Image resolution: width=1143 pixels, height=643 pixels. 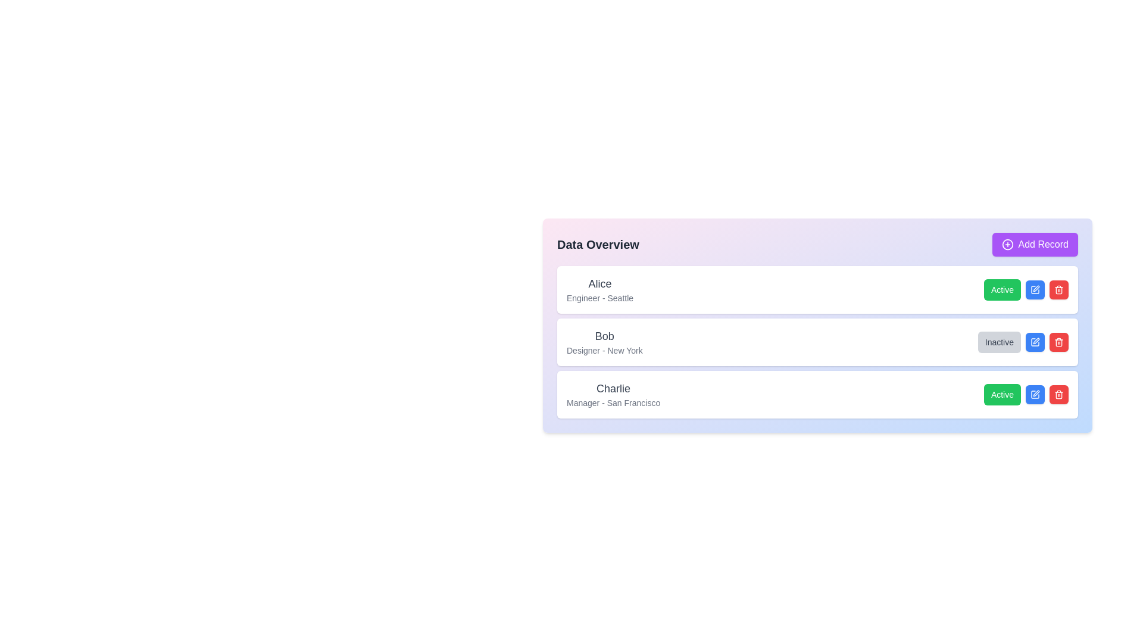 I want to click on the text label displaying the name and job title of an individual, which is located at the topmost position within a white rectangular card with rounded corners, so click(x=600, y=289).